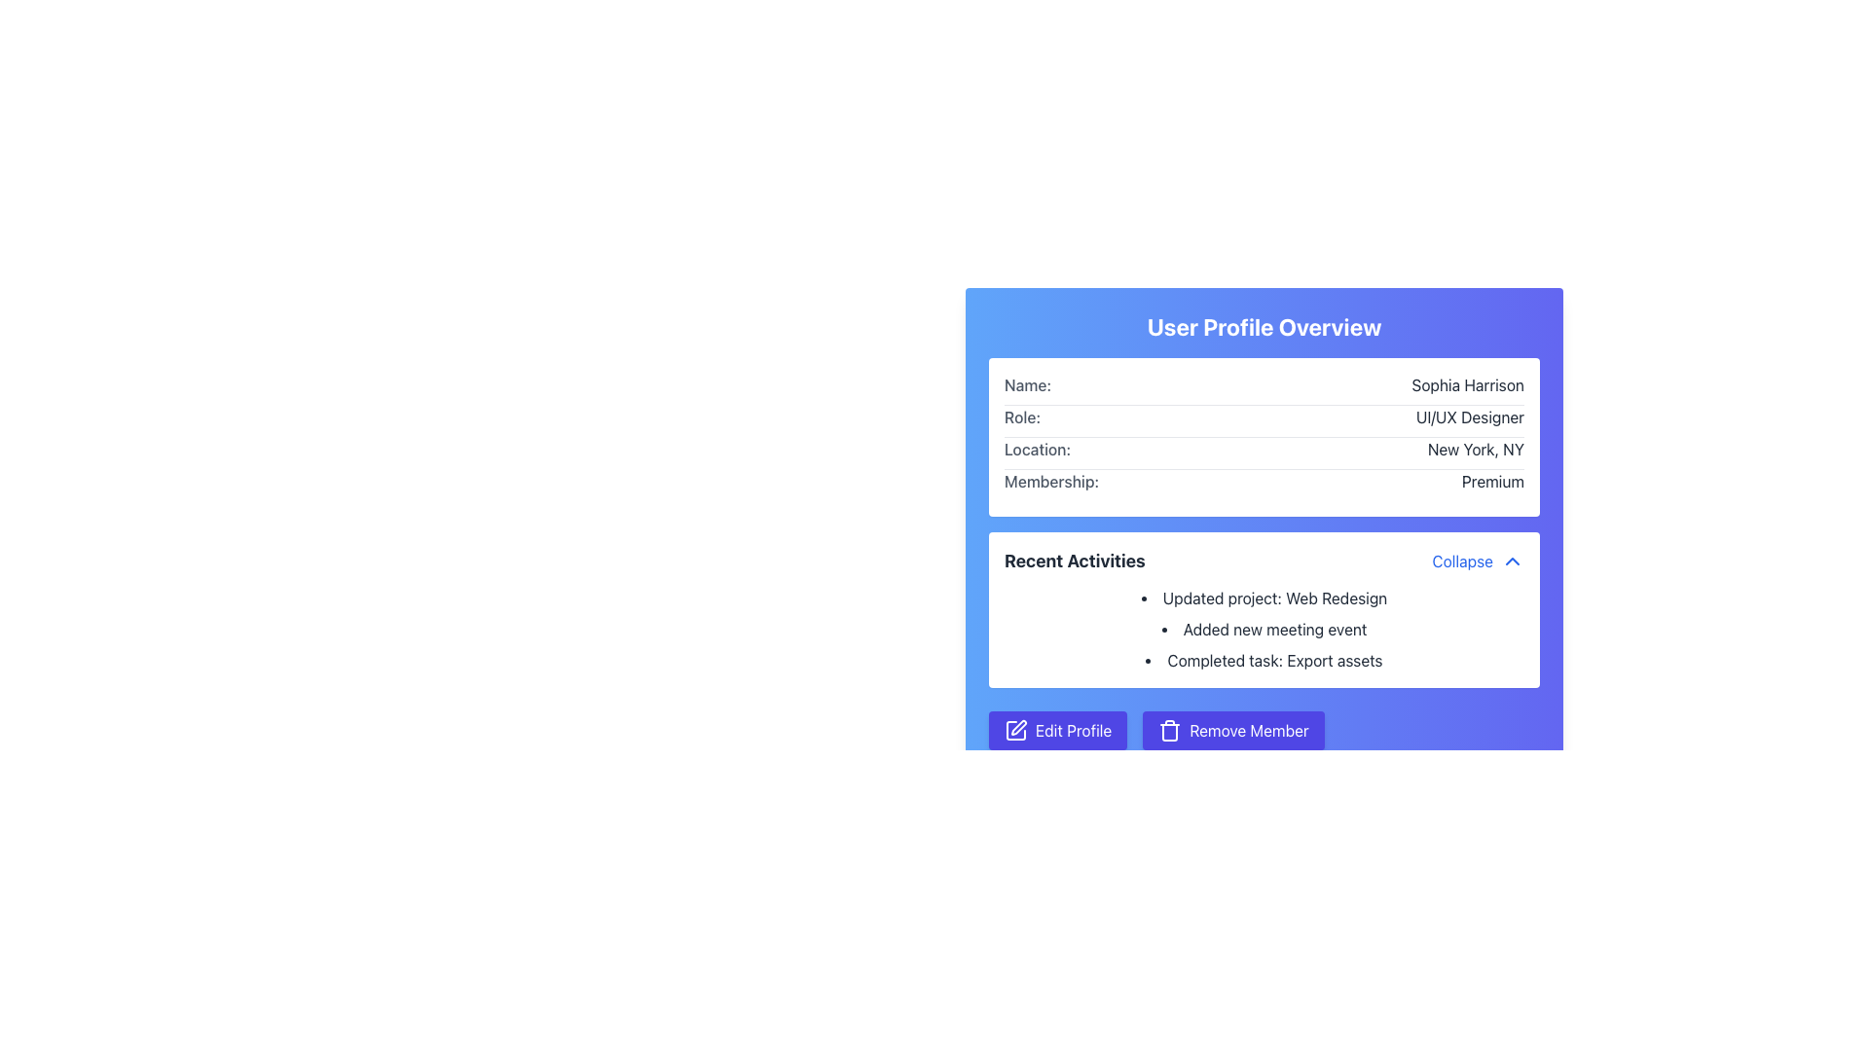 The width and height of the screenshot is (1869, 1051). I want to click on the button designed to remove a member from the user's profile or group to observe its hover state, so click(1232, 731).